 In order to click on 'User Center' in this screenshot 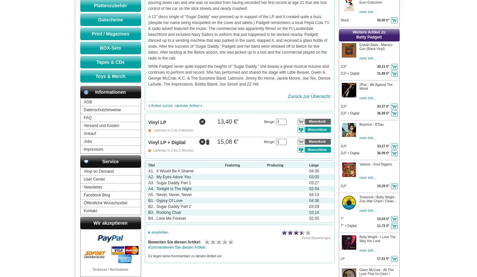, I will do `click(94, 179)`.